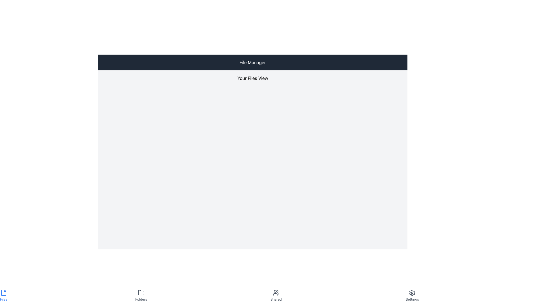 The image size is (541, 304). I want to click on the Text Label that acts as a section header for viewing files, located just below the 'File Manager' navigation bar, so click(252, 78).